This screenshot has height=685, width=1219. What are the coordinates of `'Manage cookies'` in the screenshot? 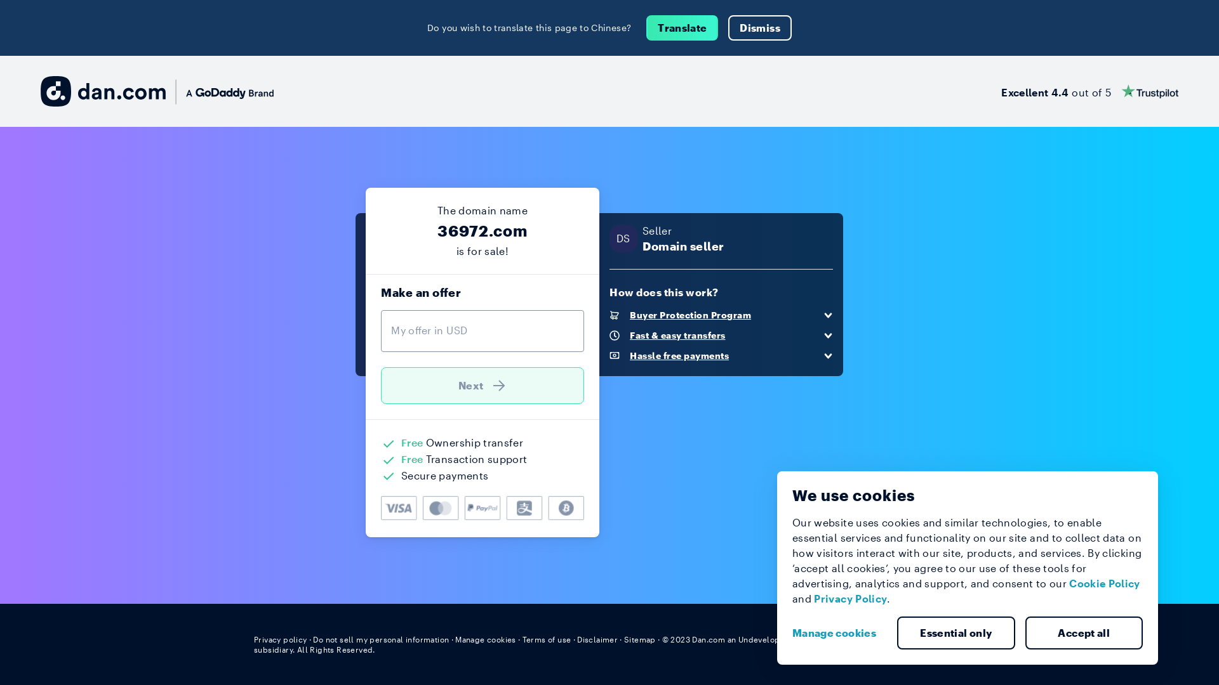 It's located at (839, 633).